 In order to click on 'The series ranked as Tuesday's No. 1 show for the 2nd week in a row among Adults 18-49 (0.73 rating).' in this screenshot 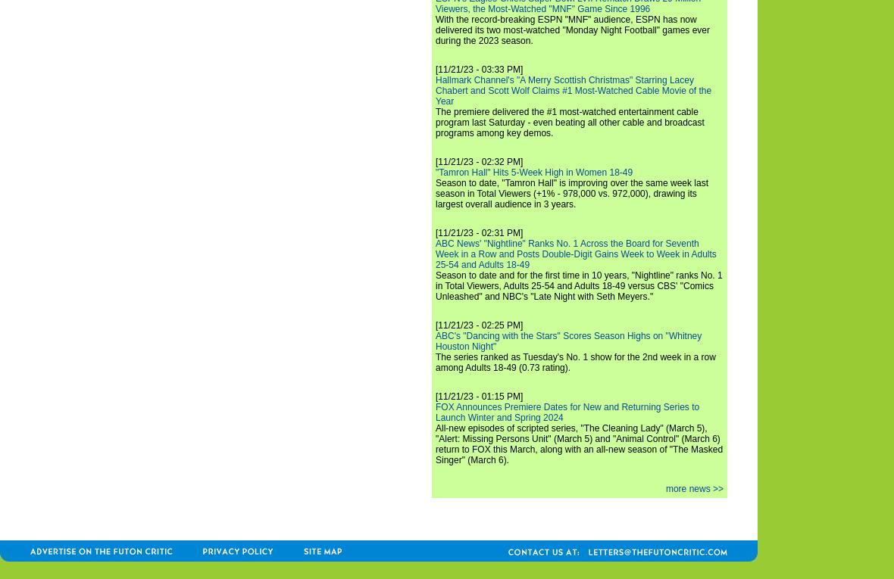, I will do `click(575, 362)`.